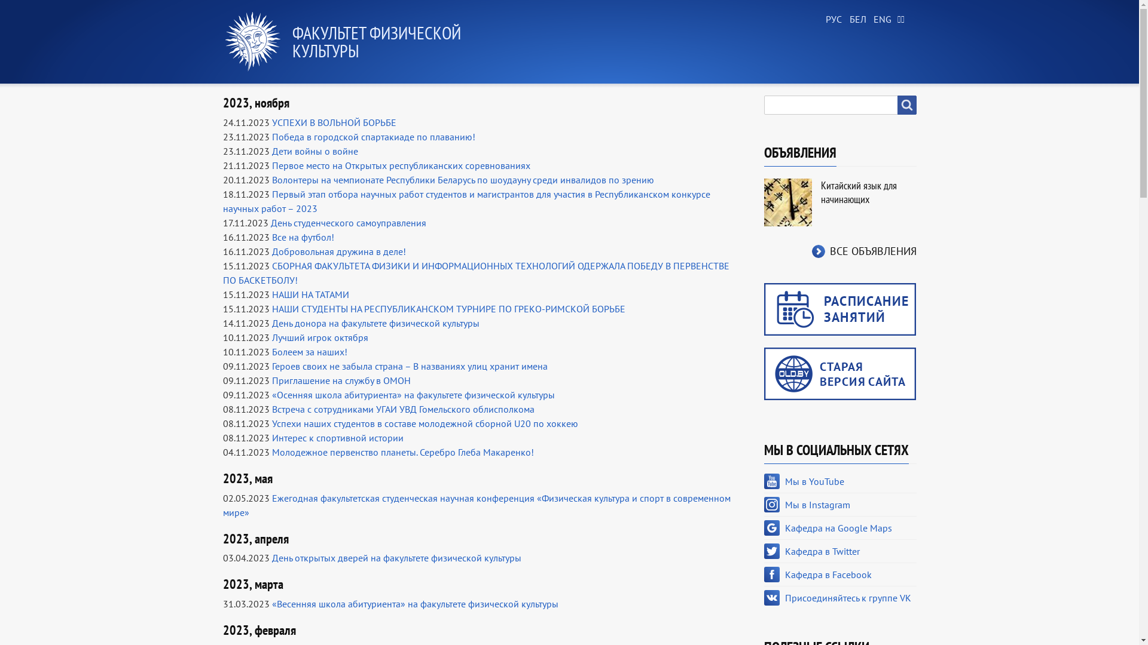  I want to click on 'Russian', so click(832, 20).